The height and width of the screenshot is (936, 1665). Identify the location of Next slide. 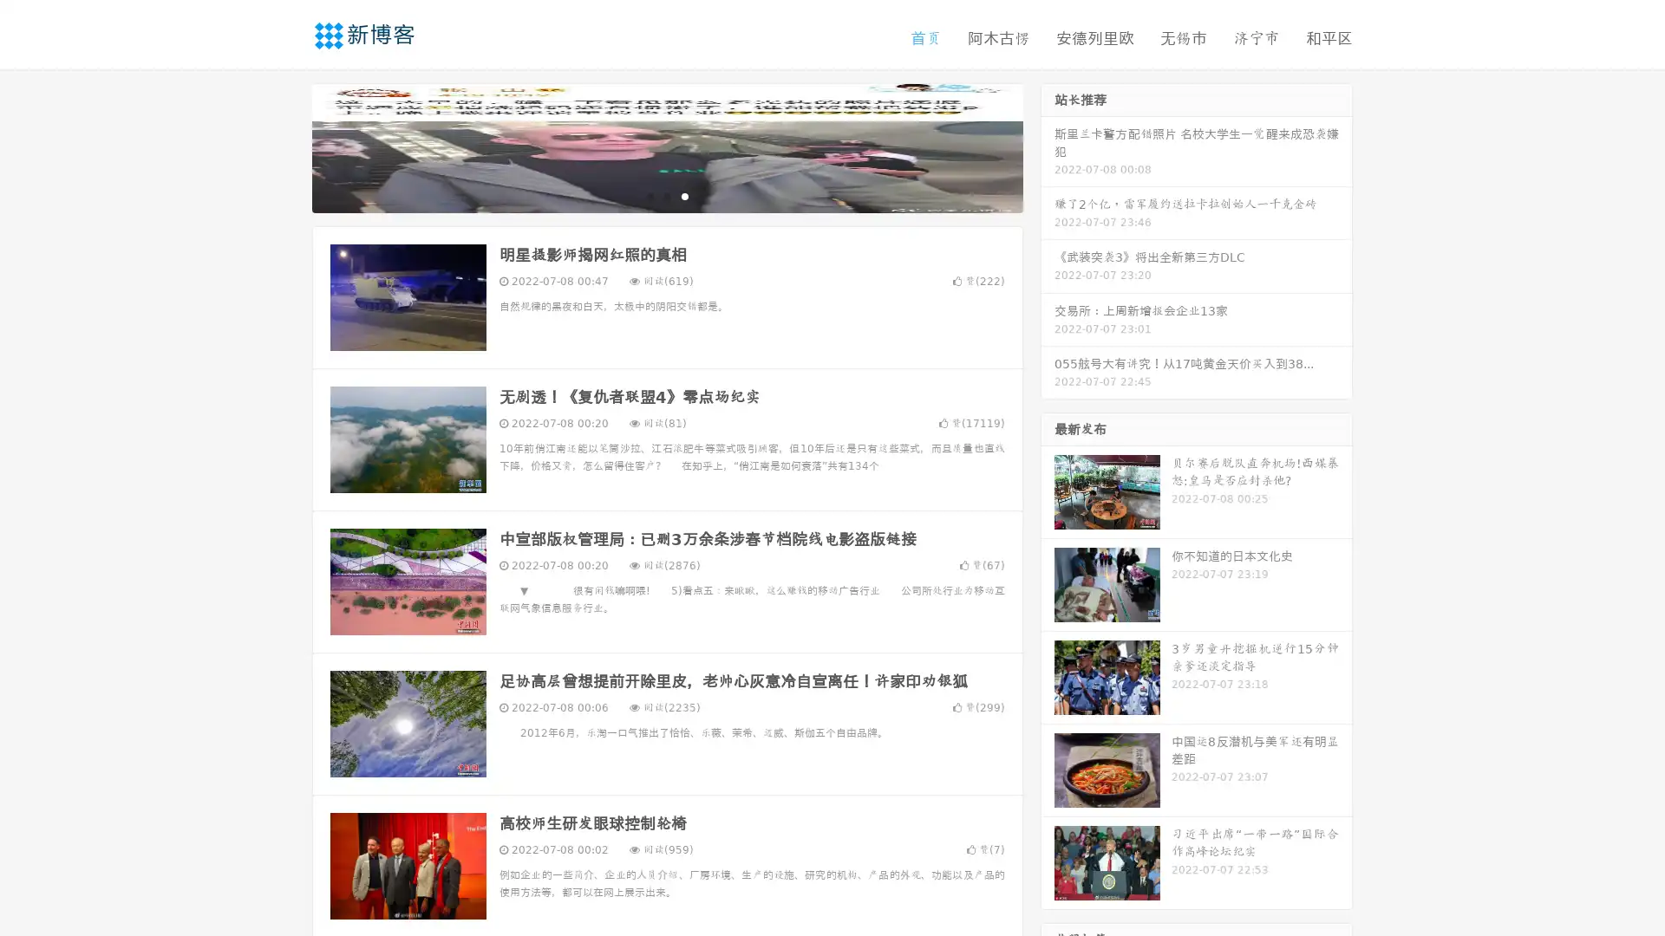
(1048, 146).